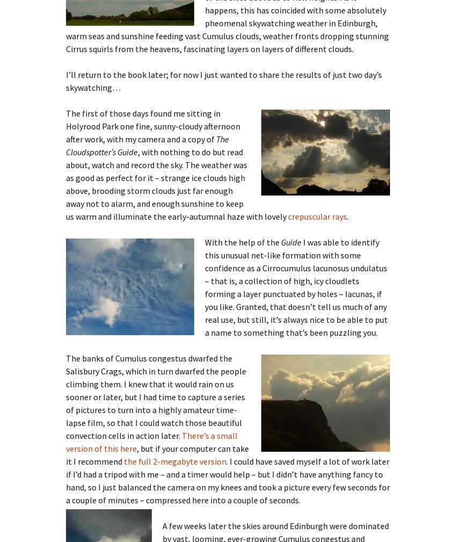 The image size is (456, 542). What do you see at coordinates (224, 80) in the screenshot?
I see `'I’ll return to the book later; for now I just wanted to share the results of just two day’s skywatching…'` at bounding box center [224, 80].